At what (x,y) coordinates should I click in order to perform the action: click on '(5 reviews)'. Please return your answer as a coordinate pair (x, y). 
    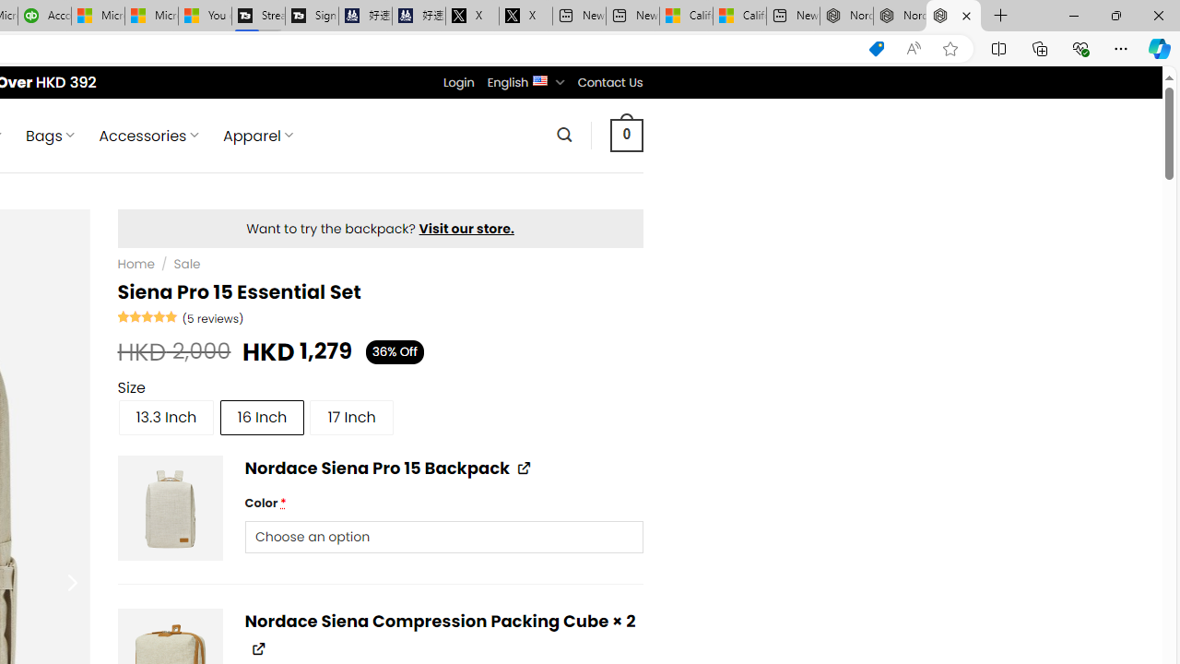
    Looking at the image, I should click on (213, 316).